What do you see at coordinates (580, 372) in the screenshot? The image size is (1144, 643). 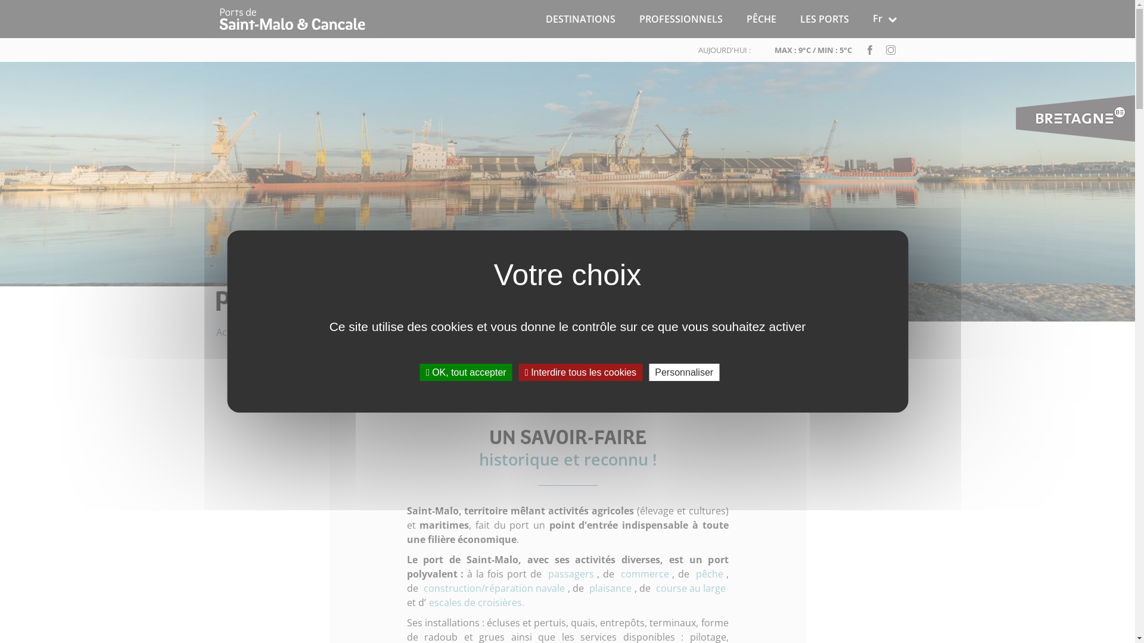 I see `'Interdire tous les cookies'` at bounding box center [580, 372].